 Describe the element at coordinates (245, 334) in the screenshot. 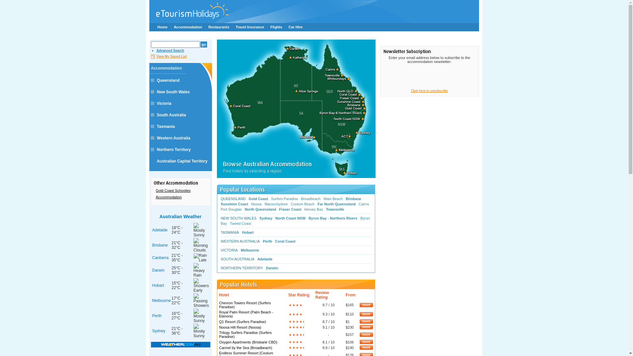

I see `'Trilogy Surfers Paradise (Surfers Paradise)'` at that location.